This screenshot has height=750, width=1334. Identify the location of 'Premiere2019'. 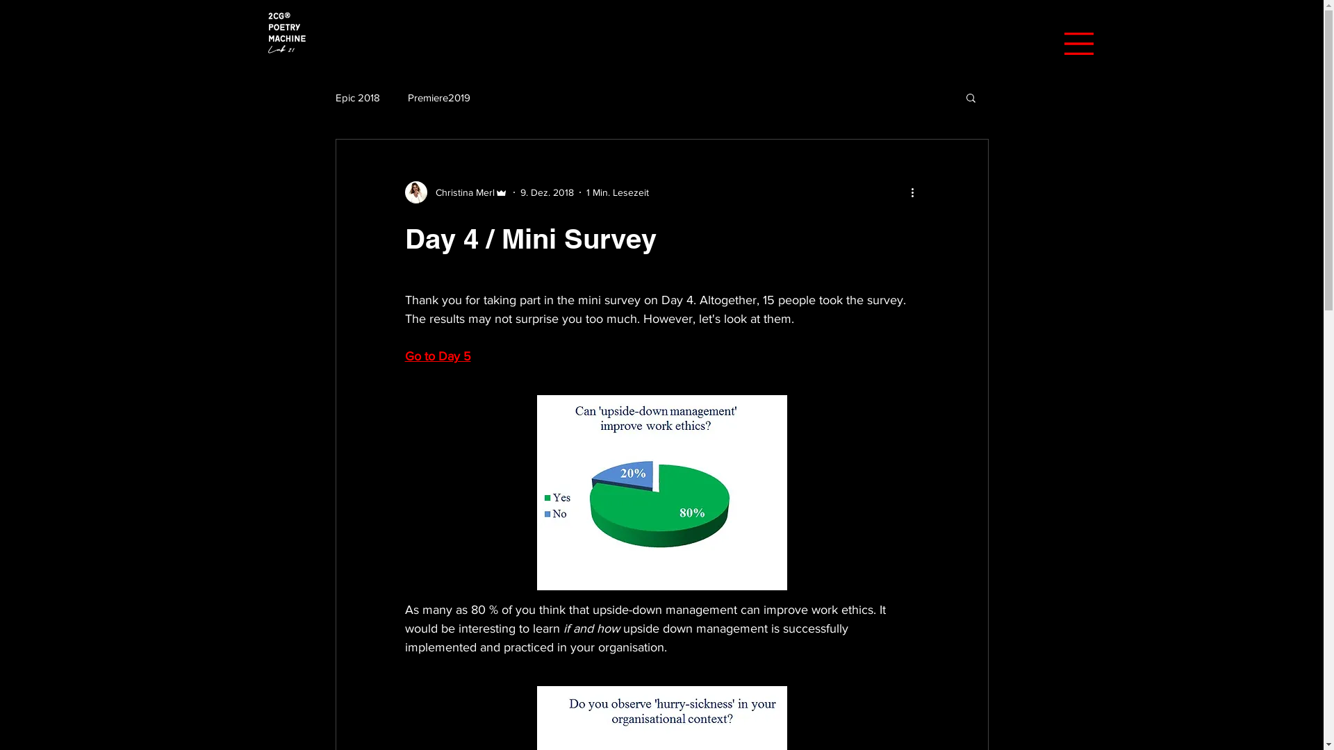
(406, 97).